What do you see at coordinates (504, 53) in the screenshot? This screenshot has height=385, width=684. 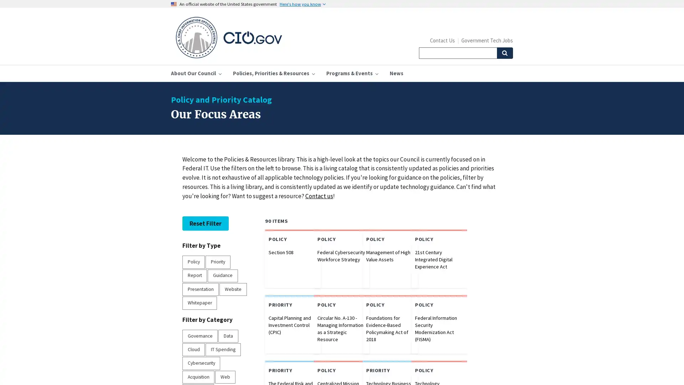 I see `Search` at bounding box center [504, 53].